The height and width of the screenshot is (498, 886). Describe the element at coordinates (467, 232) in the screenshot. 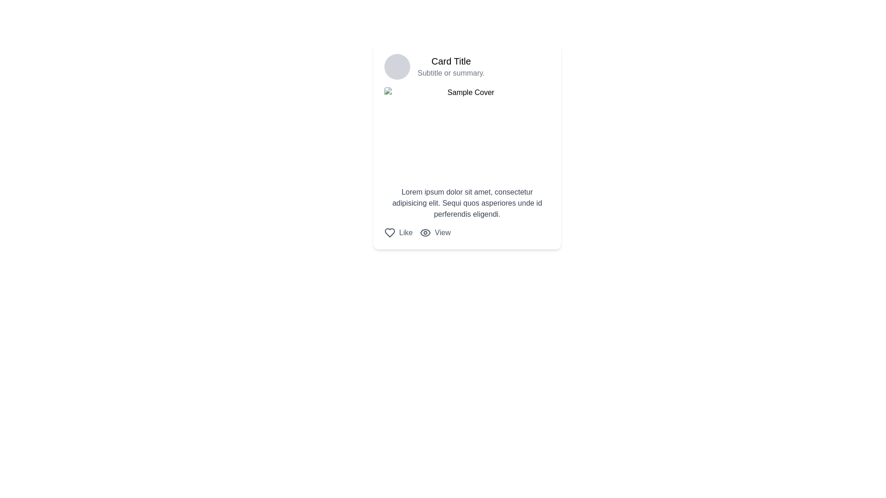

I see `the 'View' button located in the horizontal button group at the bottom of the card layout` at that location.